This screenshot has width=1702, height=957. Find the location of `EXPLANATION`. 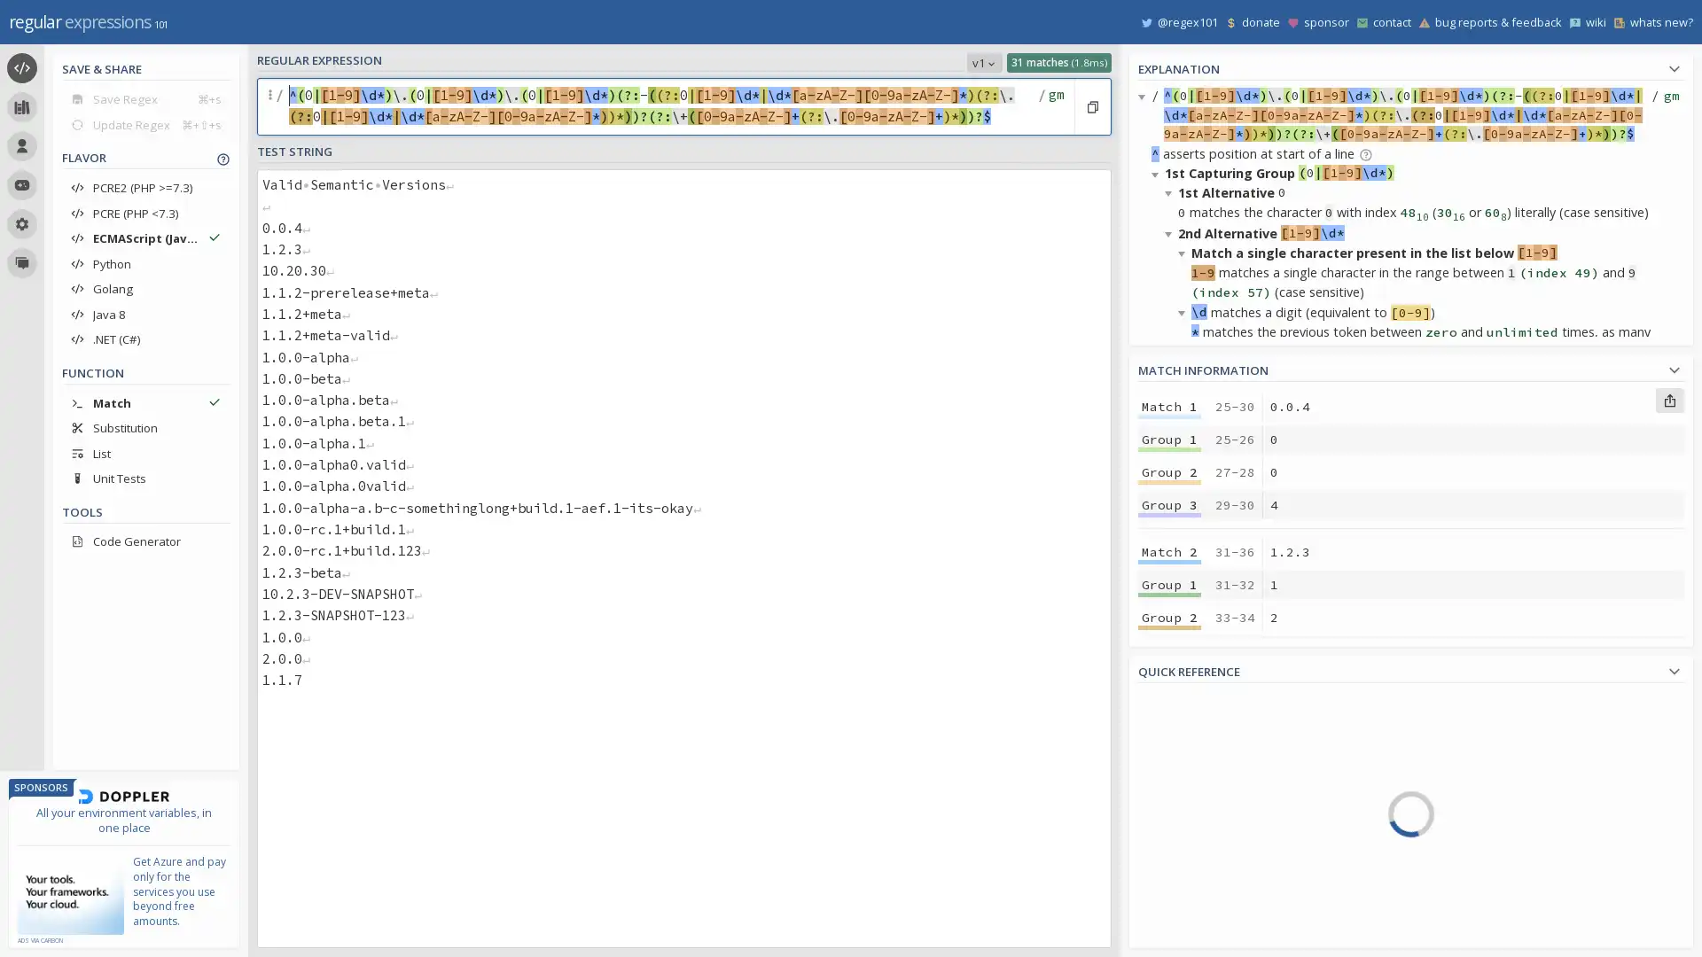

EXPLANATION is located at coordinates (1410, 66).